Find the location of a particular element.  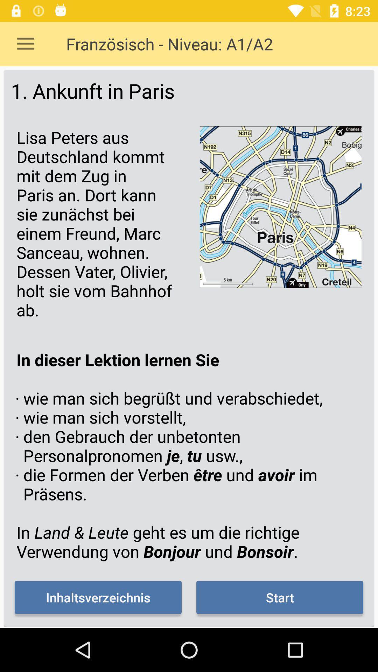

start item is located at coordinates (279, 597).